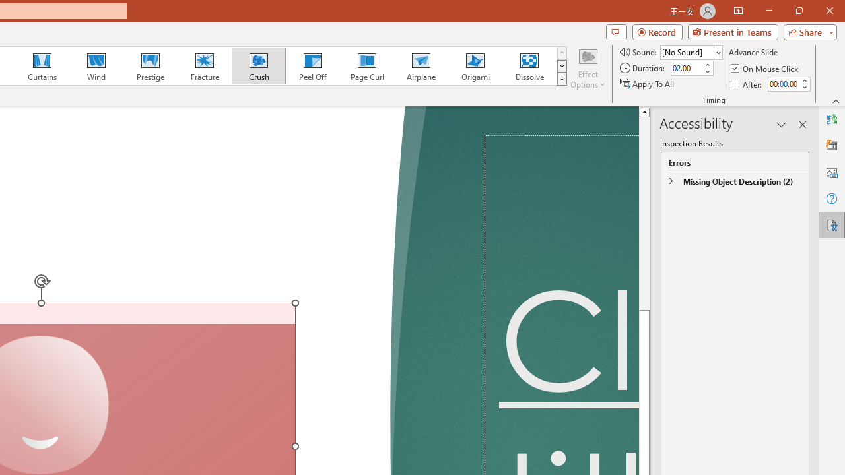 The height and width of the screenshot is (475, 845). I want to click on 'Crush', so click(258, 66).